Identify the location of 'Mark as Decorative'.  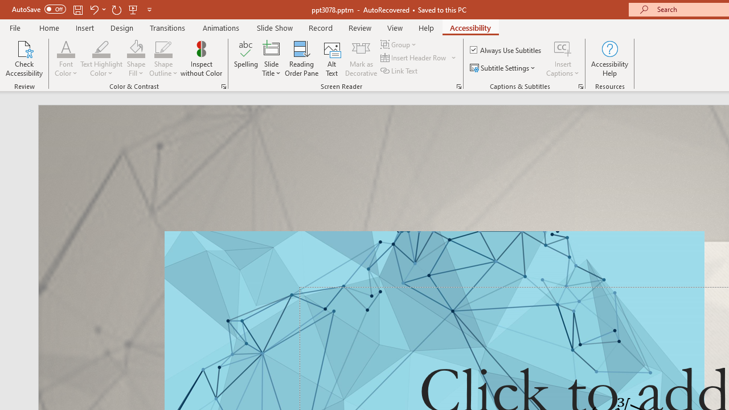
(361, 59).